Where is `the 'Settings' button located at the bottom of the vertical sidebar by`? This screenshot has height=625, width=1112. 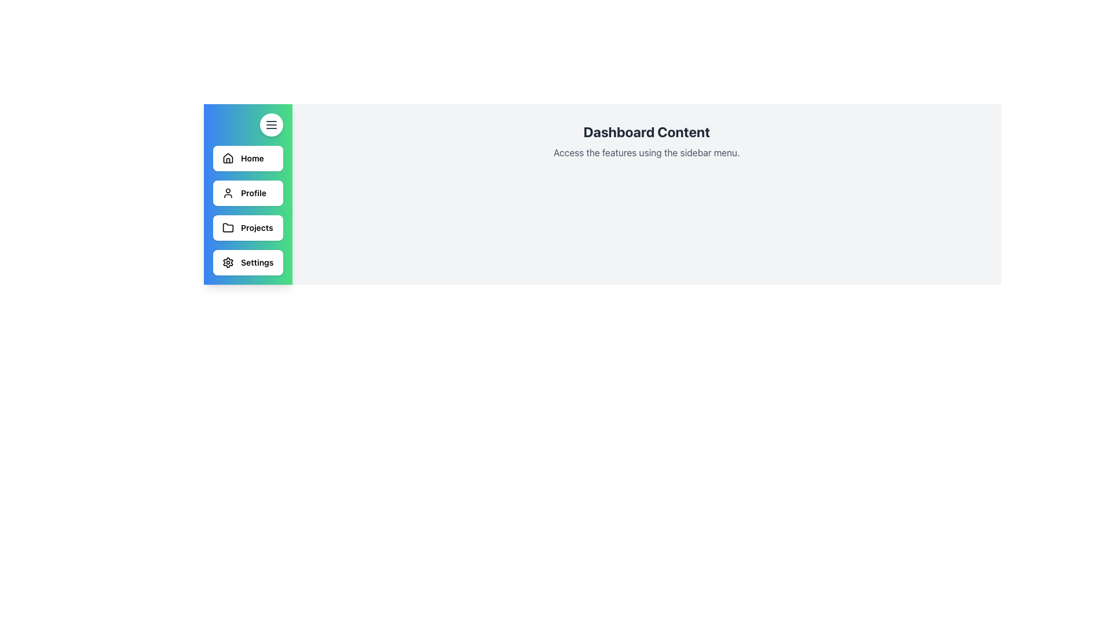
the 'Settings' button located at the bottom of the vertical sidebar by is located at coordinates (247, 263).